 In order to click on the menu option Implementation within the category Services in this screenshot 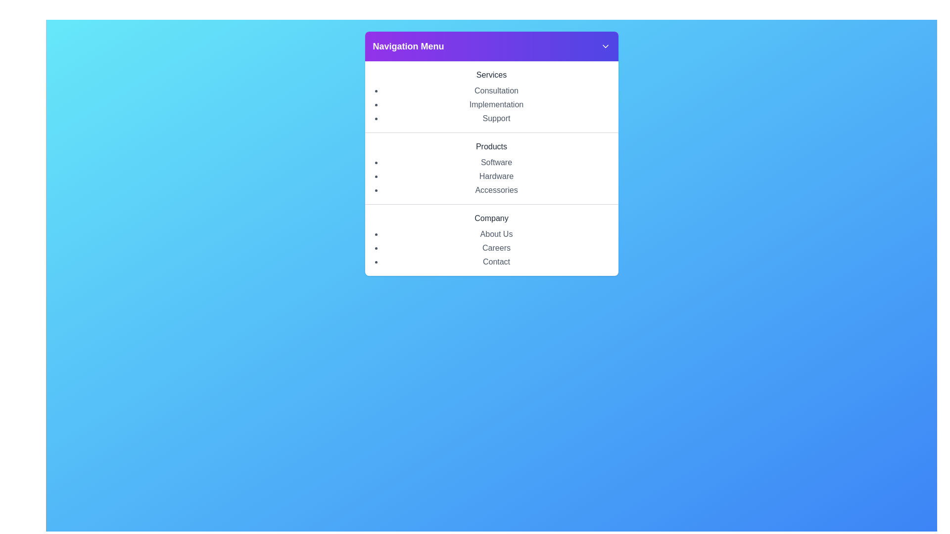, I will do `click(496, 105)`.